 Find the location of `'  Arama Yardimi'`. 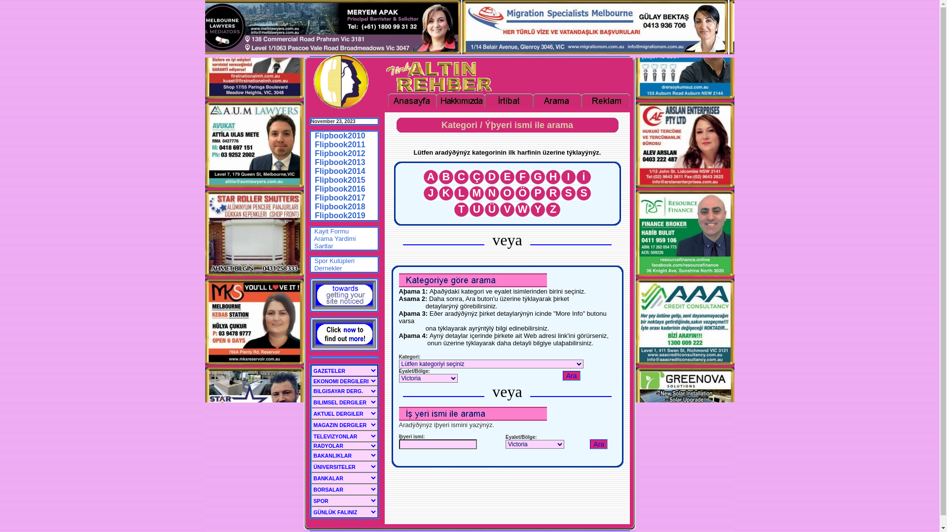

'  Arama Yardimi' is located at coordinates (333, 238).